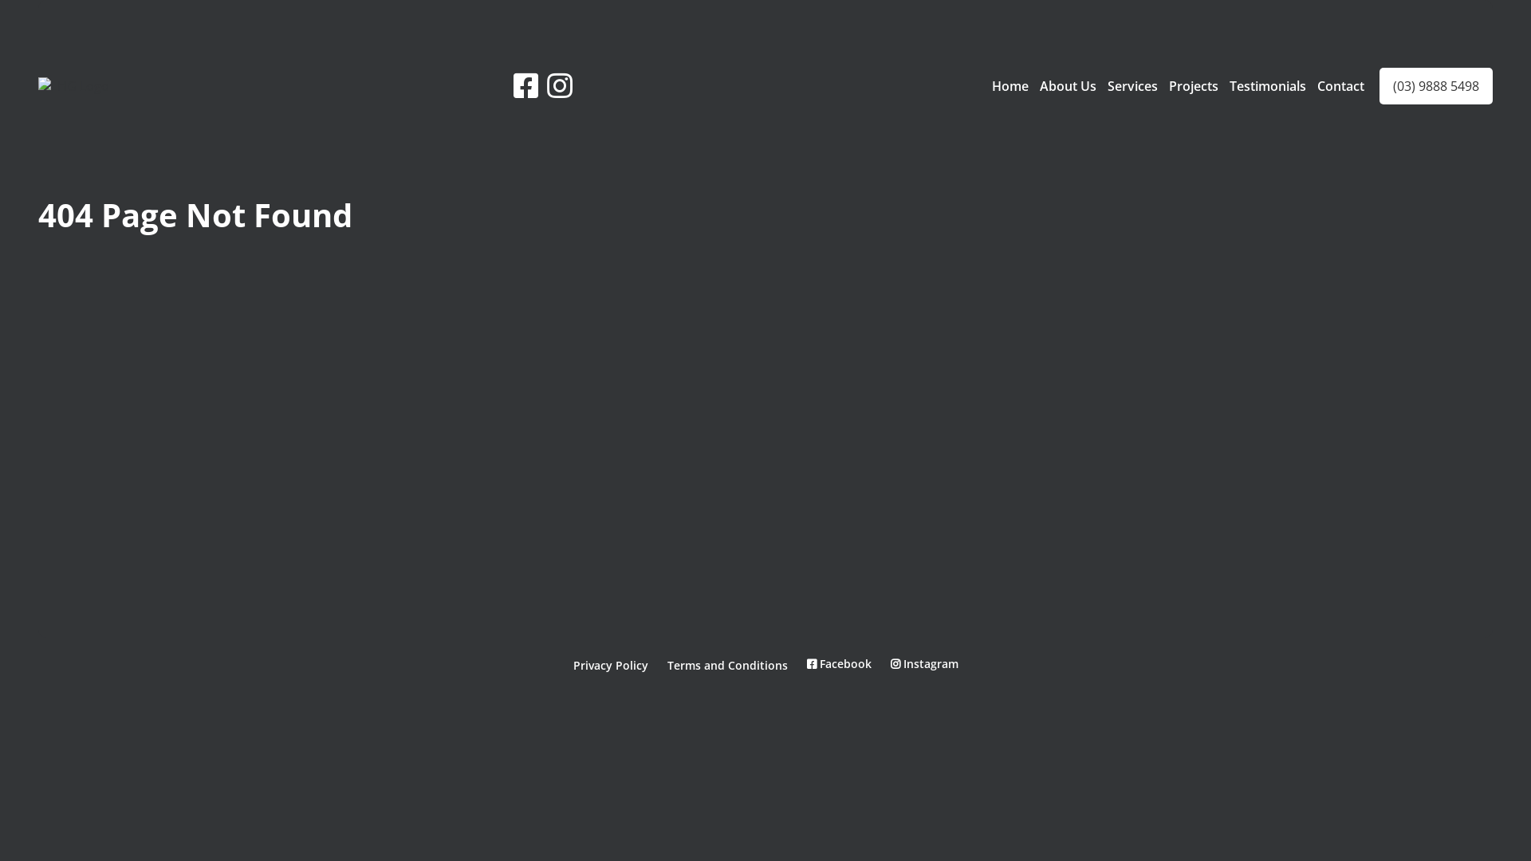 This screenshot has width=1531, height=861. I want to click on 'Instagram', so click(923, 663).